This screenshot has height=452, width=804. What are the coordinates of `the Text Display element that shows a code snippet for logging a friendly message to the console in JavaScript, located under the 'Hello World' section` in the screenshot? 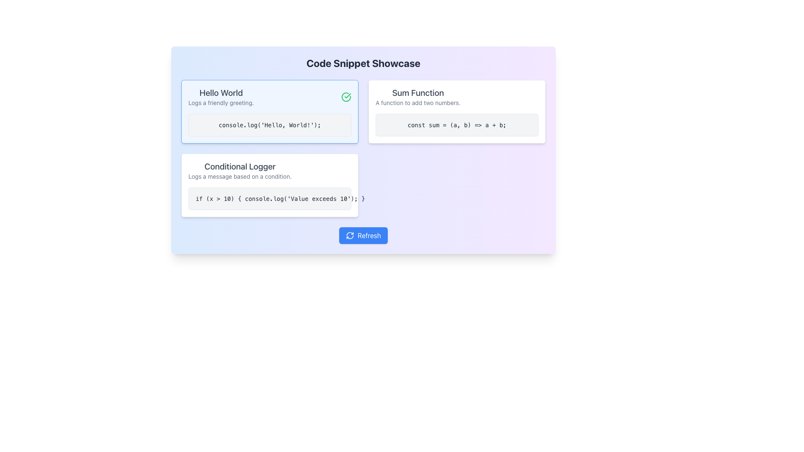 It's located at (270, 125).